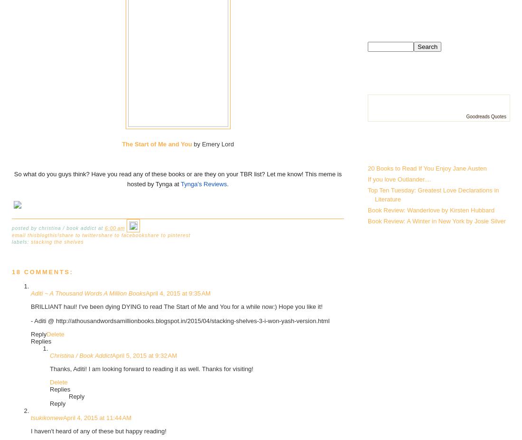 This screenshot has height=440, width=522. Describe the element at coordinates (20, 241) in the screenshot. I see `'Labels:'` at that location.